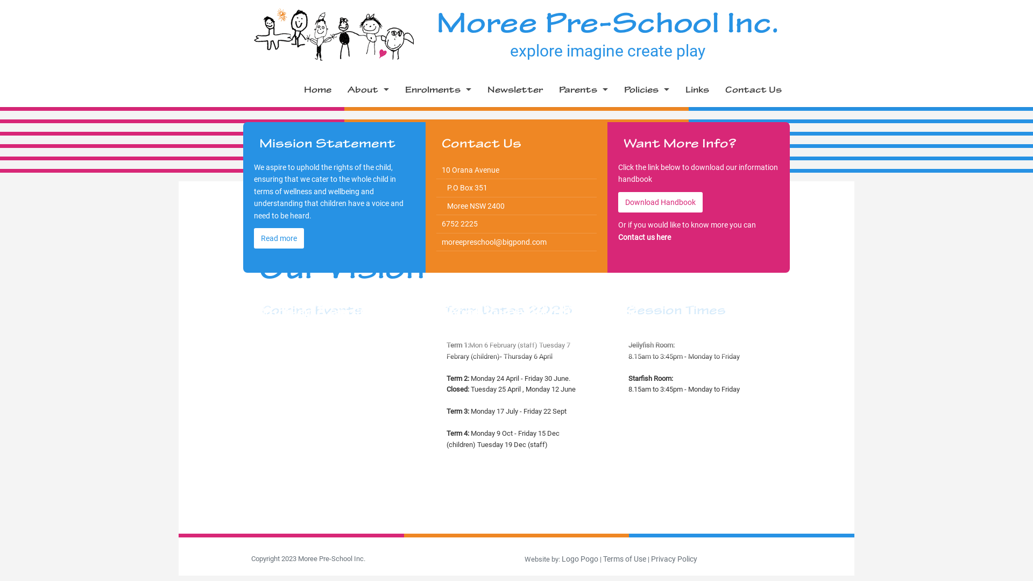 This screenshot has height=581, width=1033. Describe the element at coordinates (583, 356) in the screenshot. I see `'Parent Concerns'` at that location.